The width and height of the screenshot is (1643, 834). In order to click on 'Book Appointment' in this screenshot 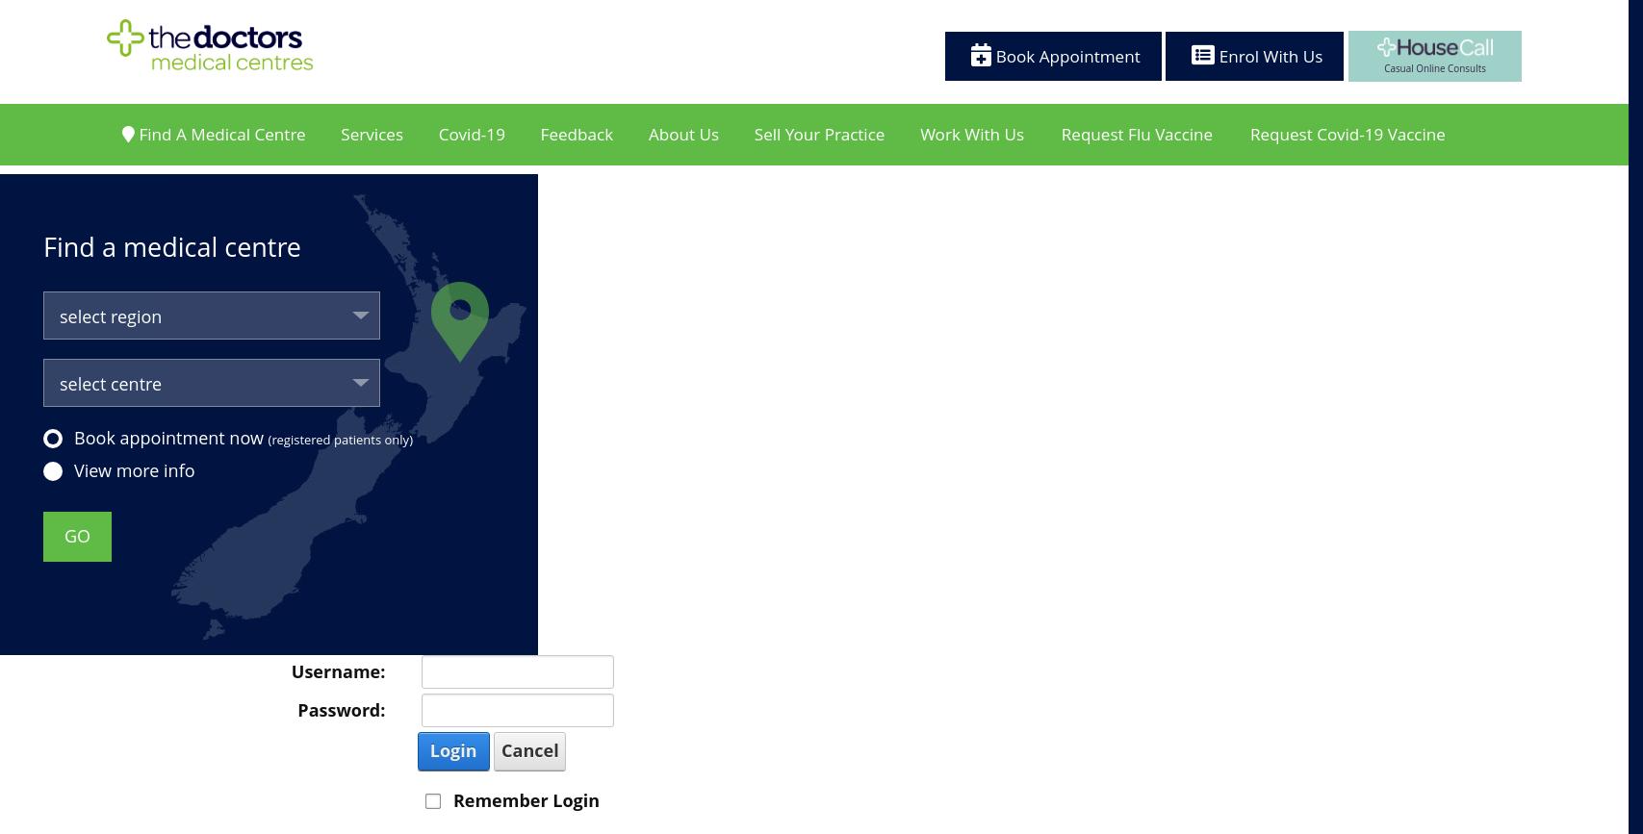, I will do `click(1064, 55)`.